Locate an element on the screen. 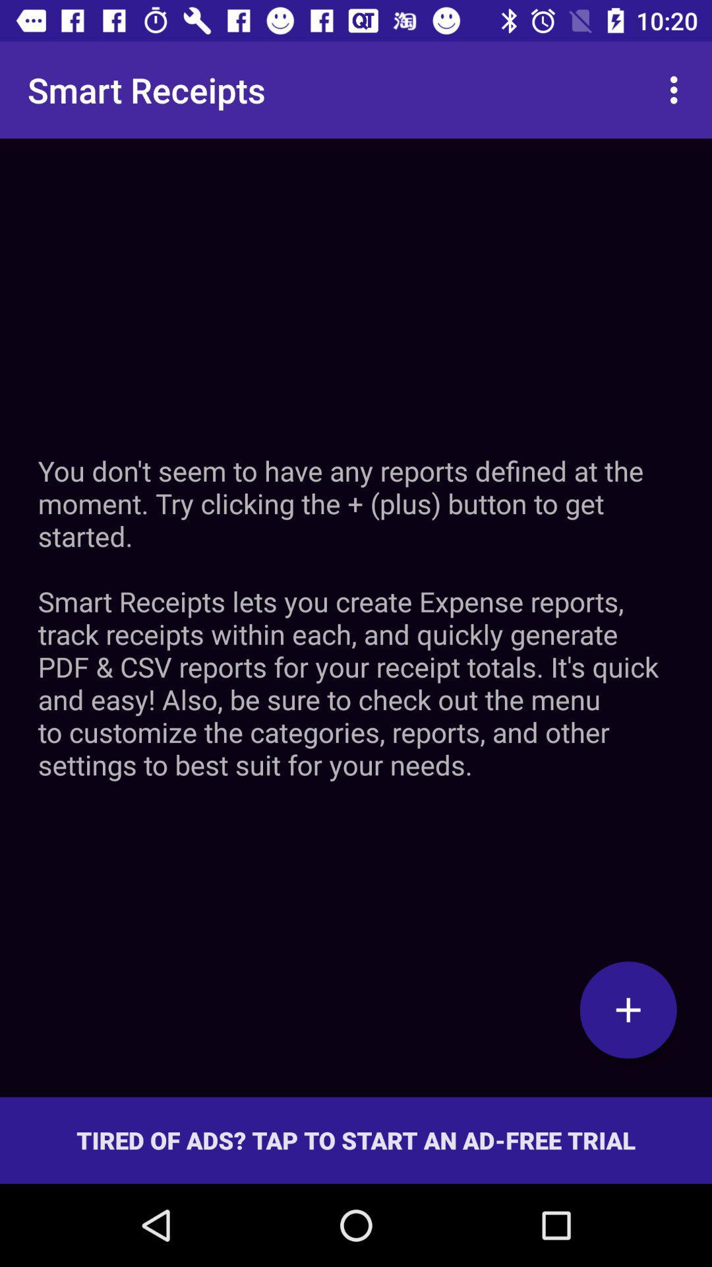 This screenshot has width=712, height=1267. icon next to the smart receipts item is located at coordinates (677, 89).